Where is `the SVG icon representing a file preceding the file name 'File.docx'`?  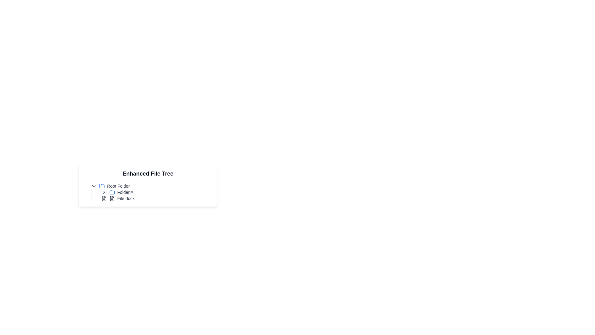 the SVG icon representing a file preceding the file name 'File.docx' is located at coordinates (104, 199).